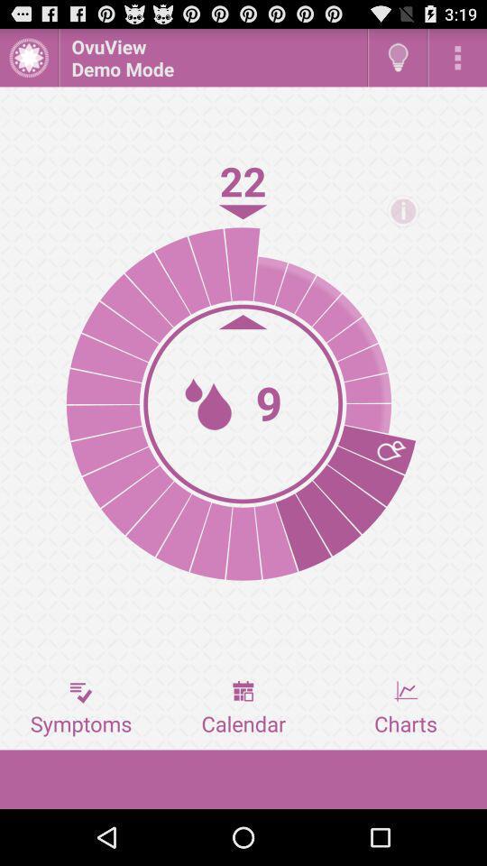 The width and height of the screenshot is (487, 866). I want to click on ovuview, so click(212, 57).